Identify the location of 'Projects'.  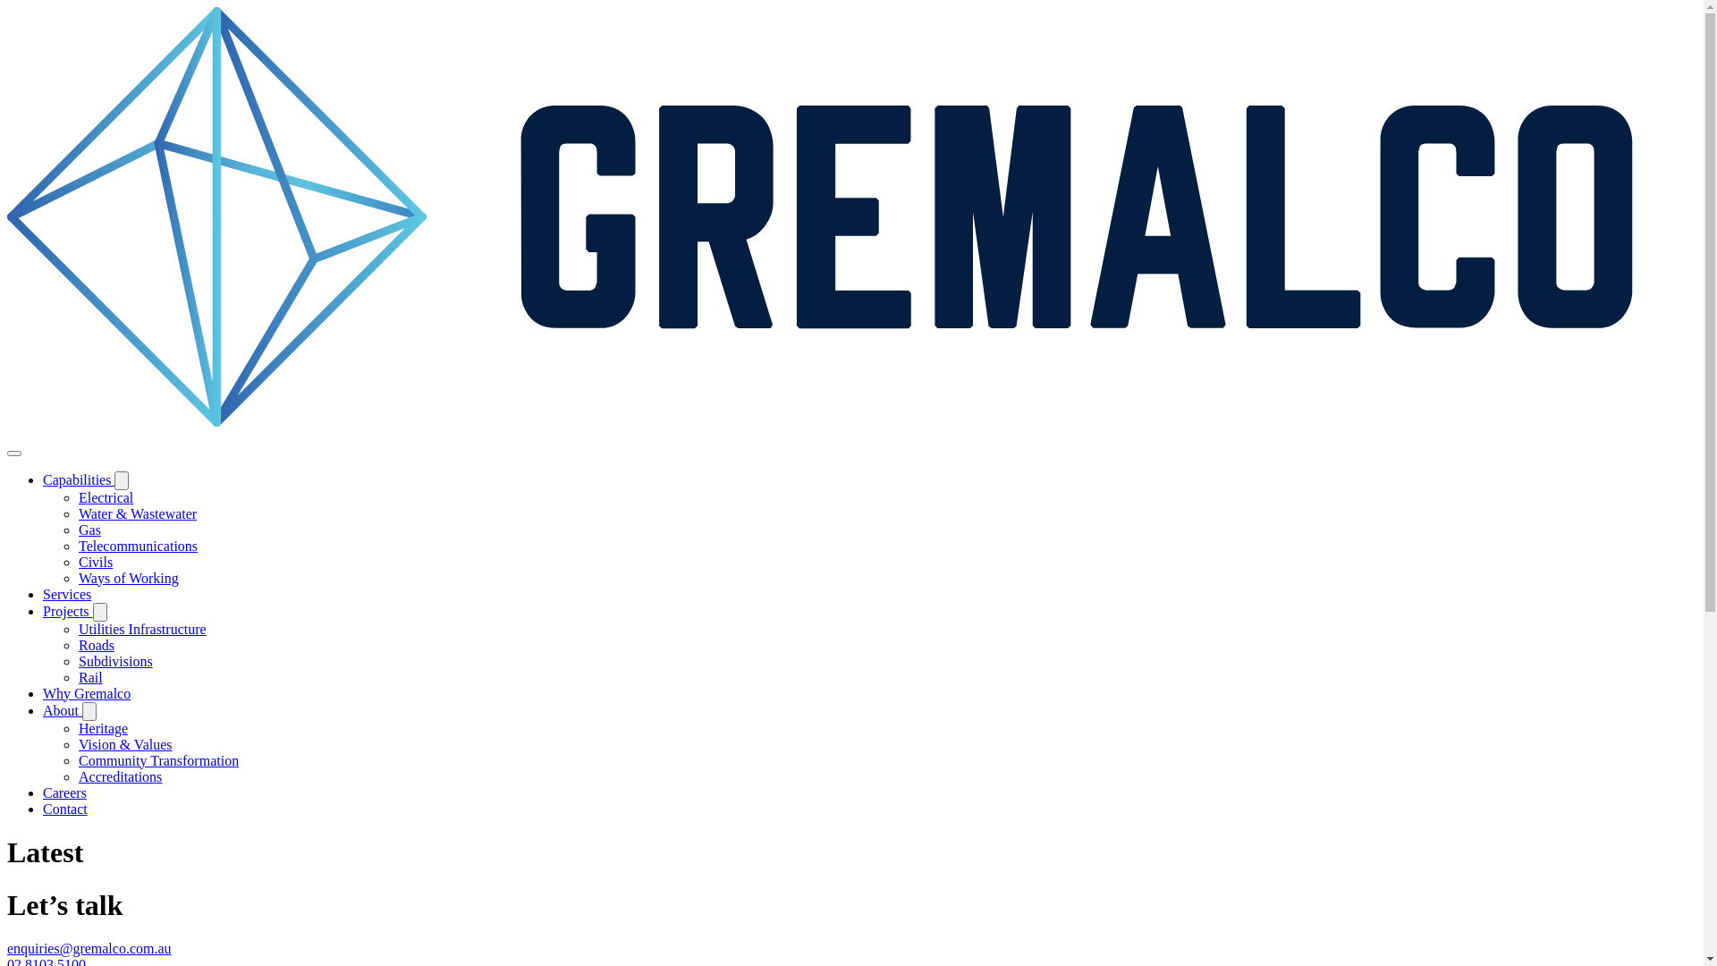
(68, 610).